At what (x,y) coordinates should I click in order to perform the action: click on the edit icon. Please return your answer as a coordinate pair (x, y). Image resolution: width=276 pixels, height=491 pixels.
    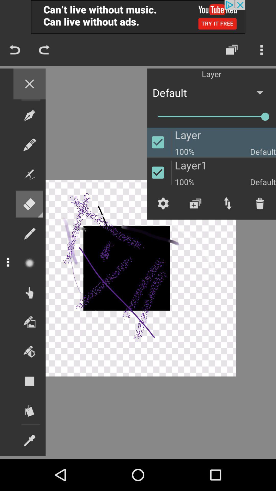
    Looking at the image, I should click on (29, 144).